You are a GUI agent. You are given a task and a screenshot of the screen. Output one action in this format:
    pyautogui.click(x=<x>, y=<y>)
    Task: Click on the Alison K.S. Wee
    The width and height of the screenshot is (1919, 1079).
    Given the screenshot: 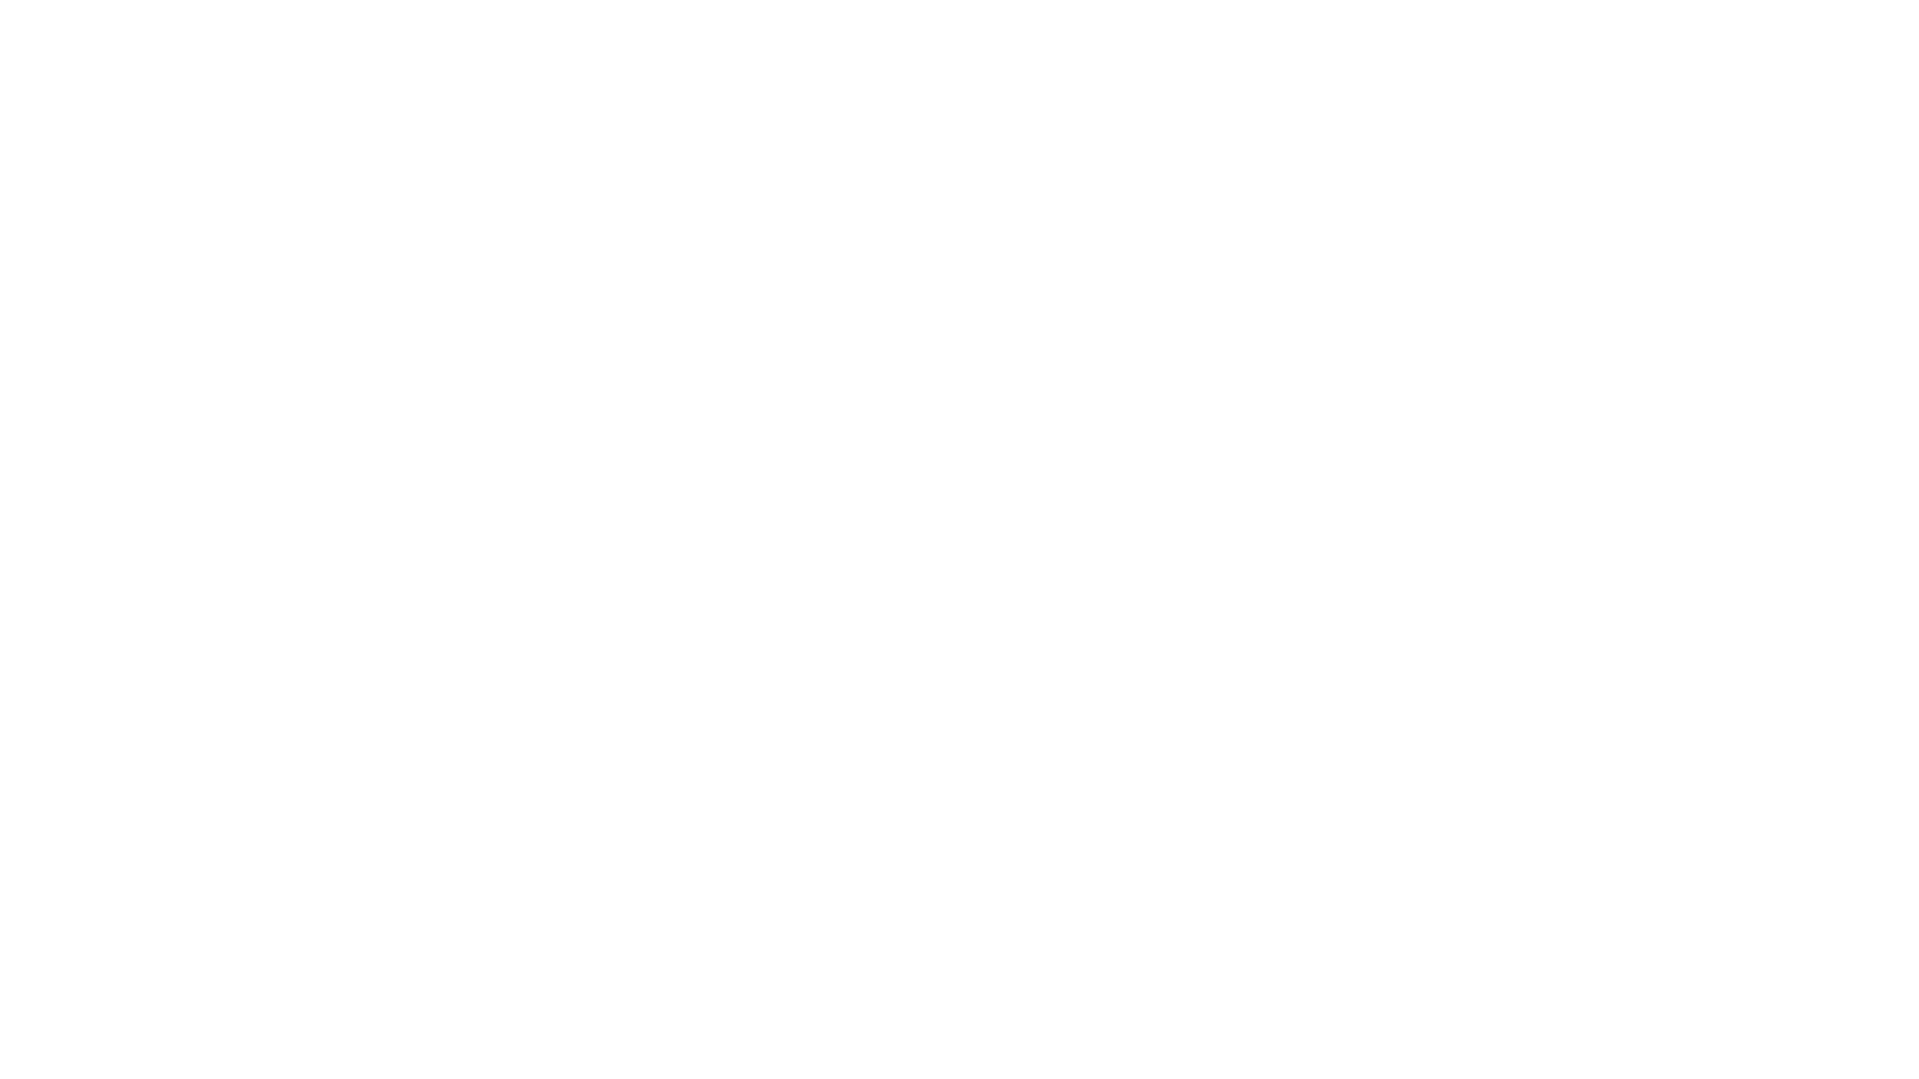 What is the action you would take?
    pyautogui.click(x=1535, y=260)
    